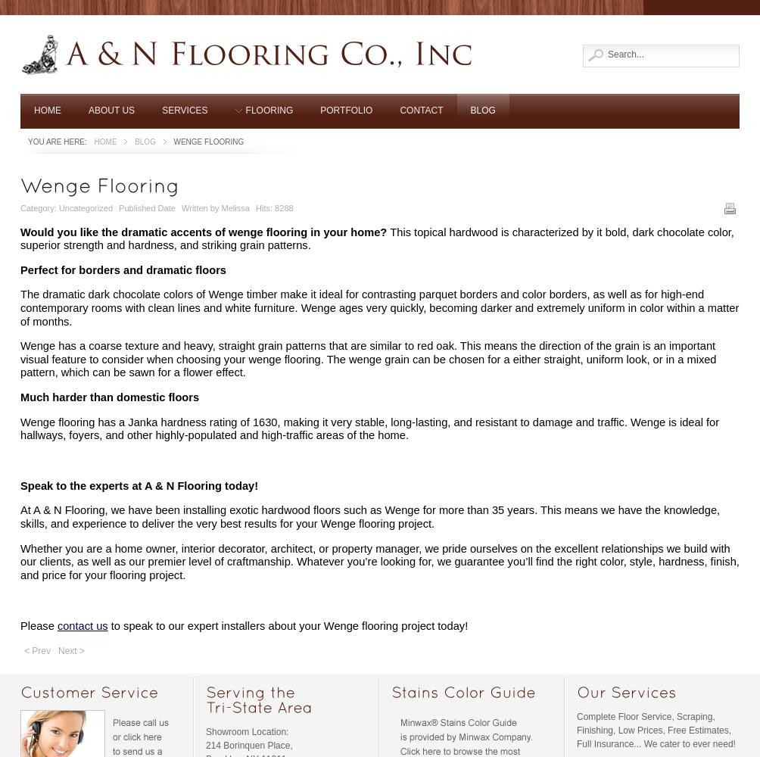  What do you see at coordinates (656, 730) in the screenshot?
I see `'Complete Floor Service, Scraping, Finishing, Low Prices, Free Estimates, Full Insurance... We cater to ever need!'` at bounding box center [656, 730].